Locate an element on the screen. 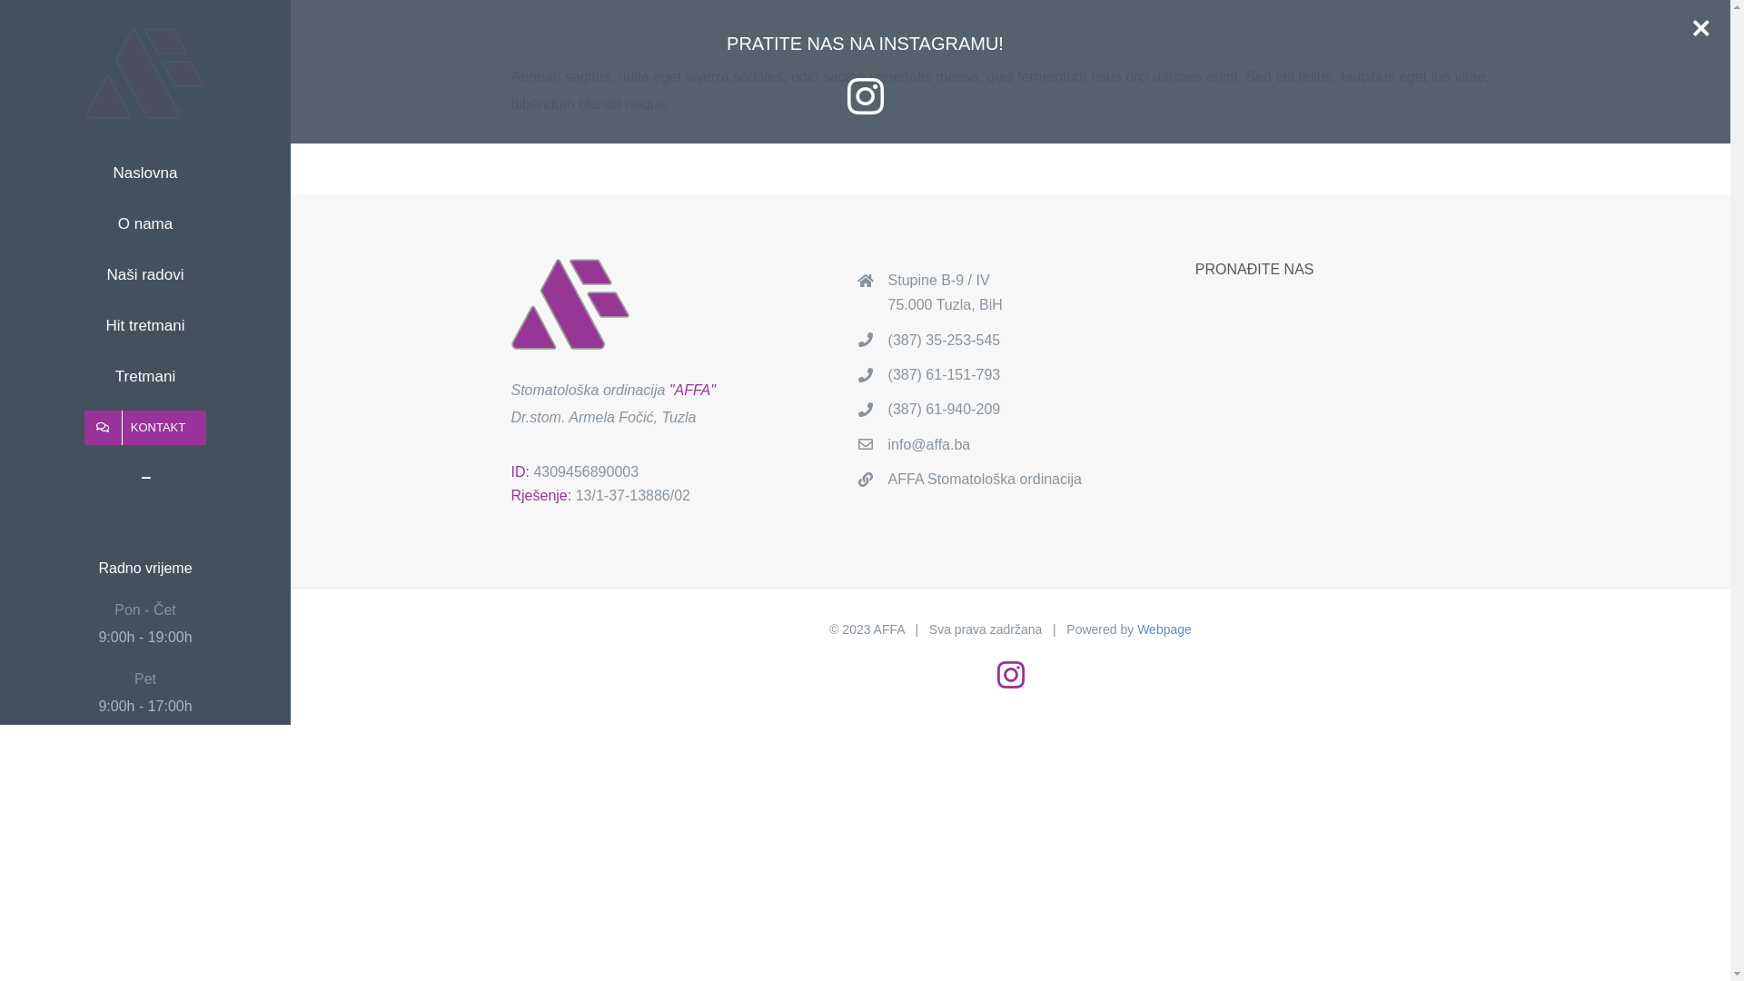 This screenshot has width=1744, height=981. 'Toggle Sliding Bar' is located at coordinates (144, 478).